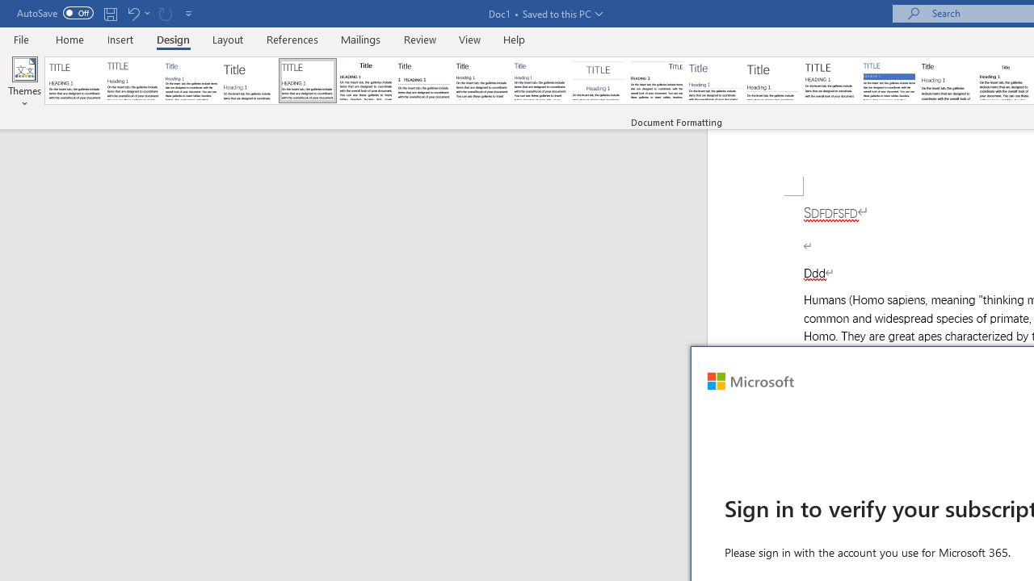 The height and width of the screenshot is (581, 1034). What do you see at coordinates (948, 81) in the screenshot?
I see `'Word'` at bounding box center [948, 81].